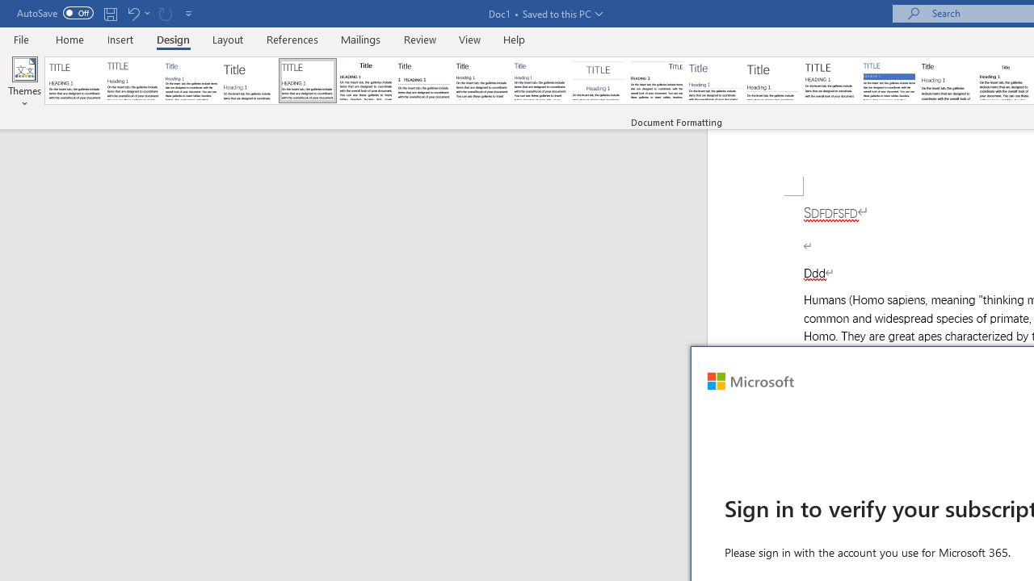 The height and width of the screenshot is (581, 1034). What do you see at coordinates (948, 81) in the screenshot?
I see `'Word'` at bounding box center [948, 81].